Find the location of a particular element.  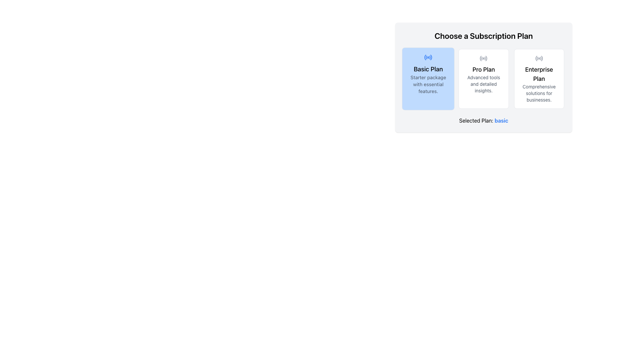

the 'Pro Plan' card, which is the second card in a row of three options is located at coordinates (484, 78).